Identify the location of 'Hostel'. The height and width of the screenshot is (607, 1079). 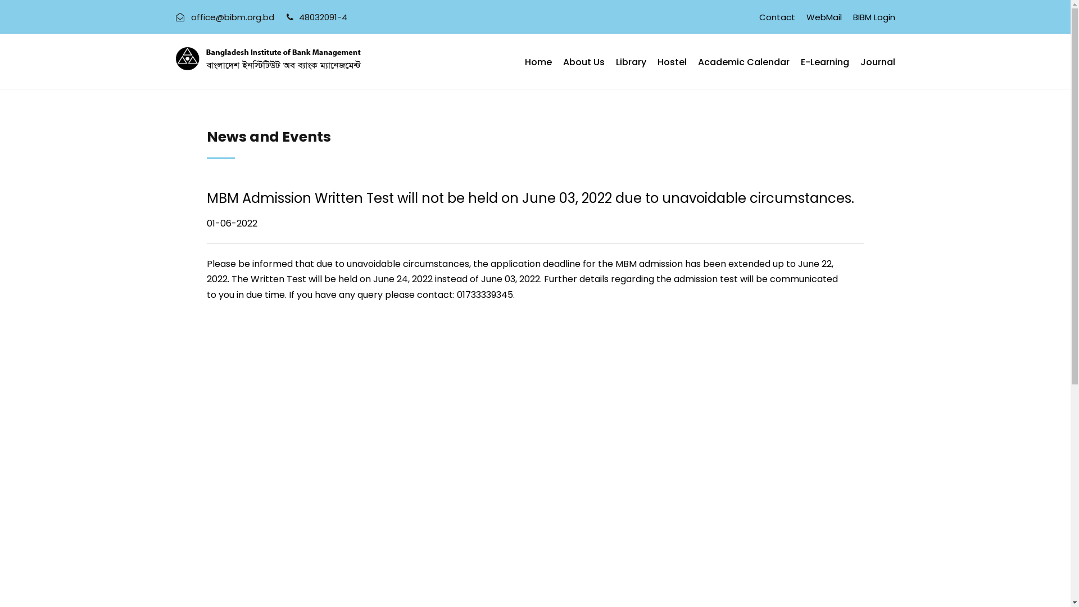
(672, 71).